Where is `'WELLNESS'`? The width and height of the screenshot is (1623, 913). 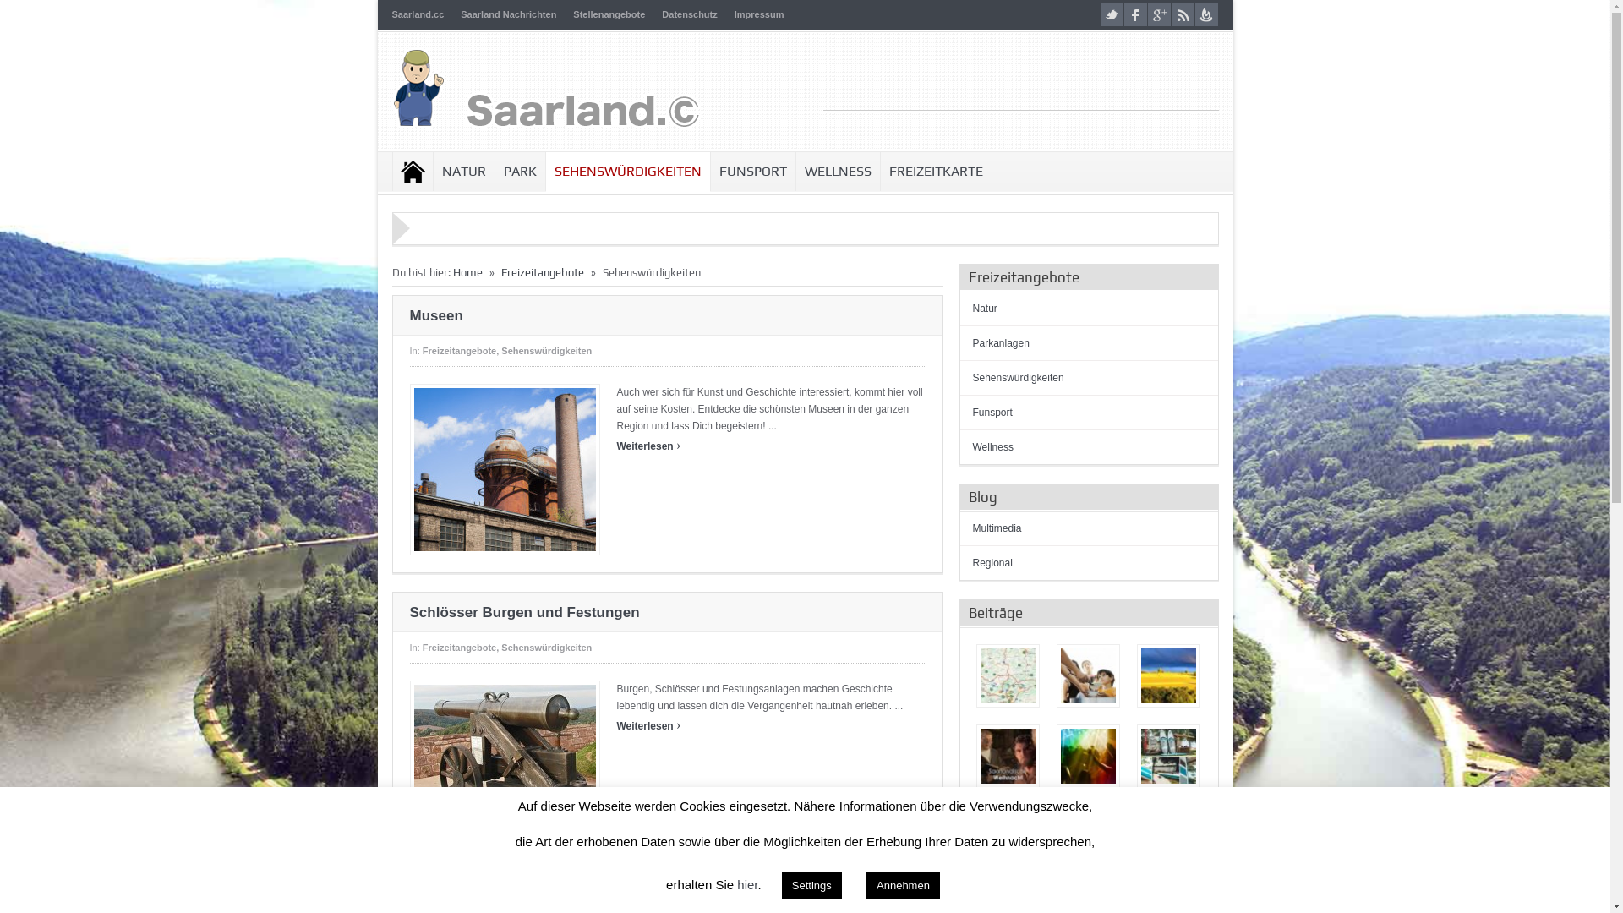 'WELLNESS' is located at coordinates (838, 172).